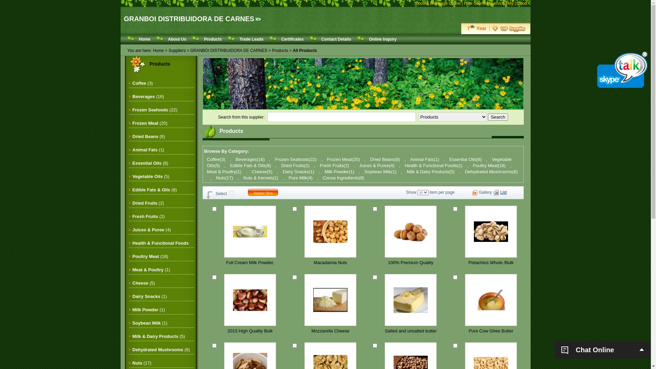  What do you see at coordinates (323, 177) in the screenshot?
I see `'Cocoa Ingredients(8)'` at bounding box center [323, 177].